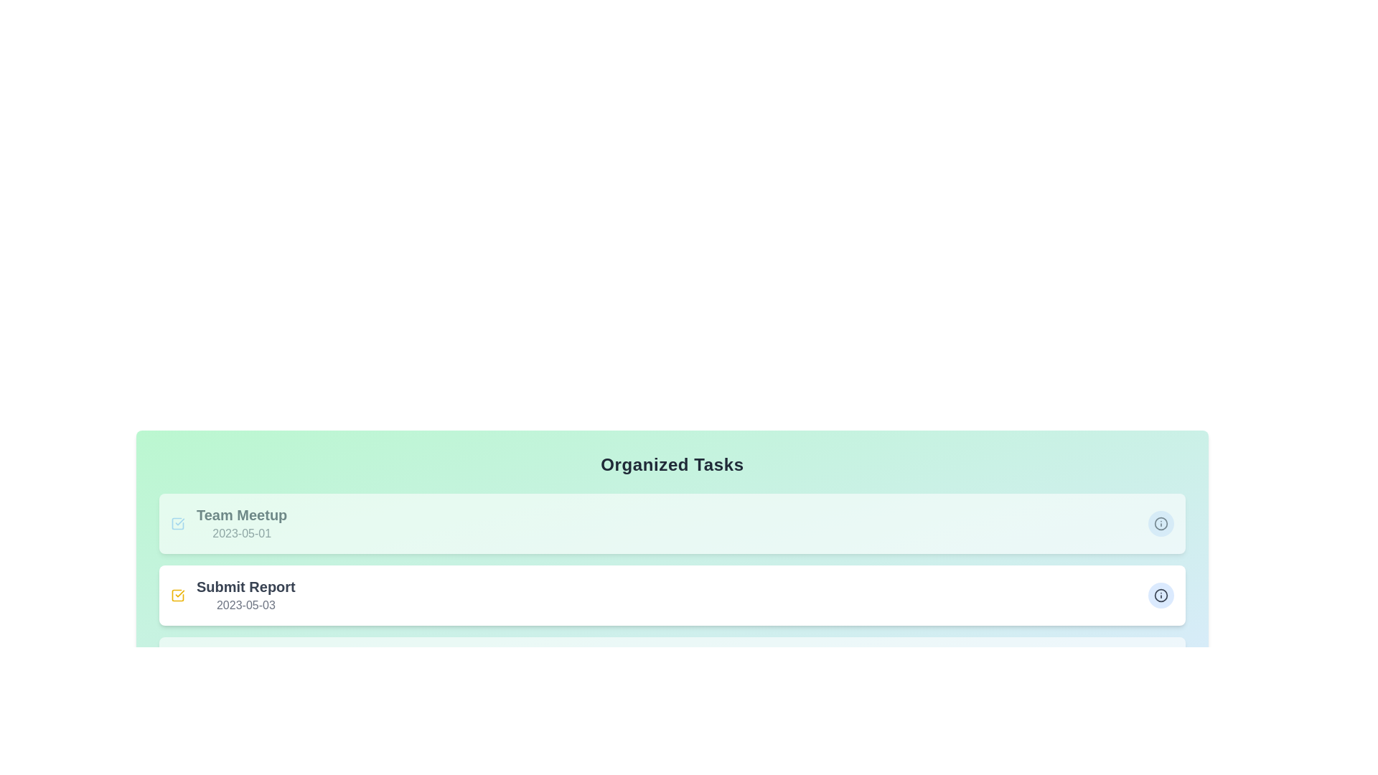 This screenshot has width=1378, height=775. Describe the element at coordinates (1161, 523) in the screenshot. I see `the information button for the task titled Team Meetup` at that location.